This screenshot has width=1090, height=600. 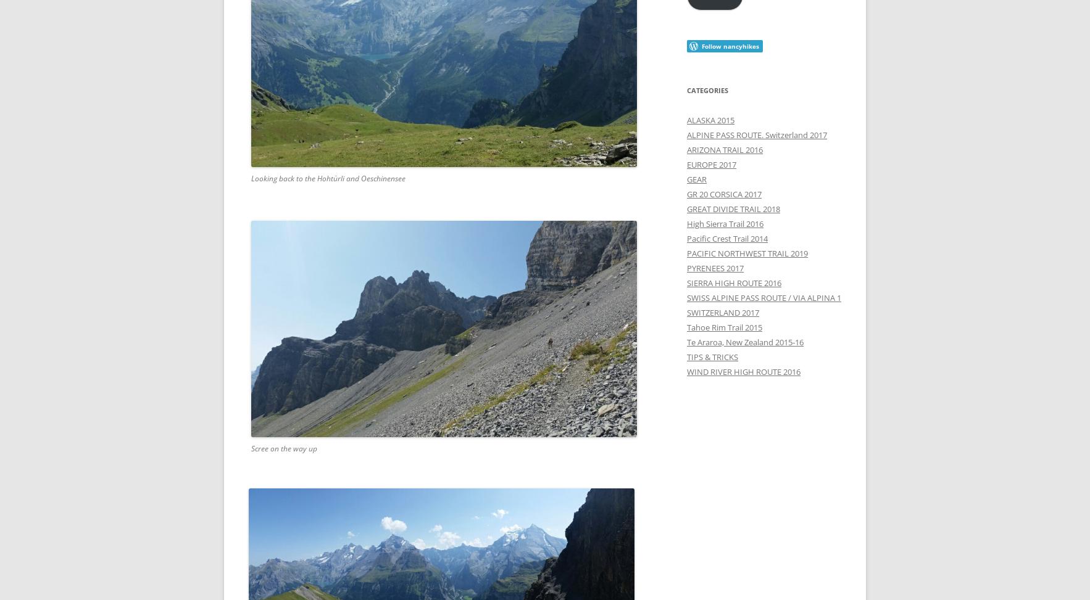 What do you see at coordinates (686, 252) in the screenshot?
I see `'PACIFIC NORTHWEST TRAIL 2019'` at bounding box center [686, 252].